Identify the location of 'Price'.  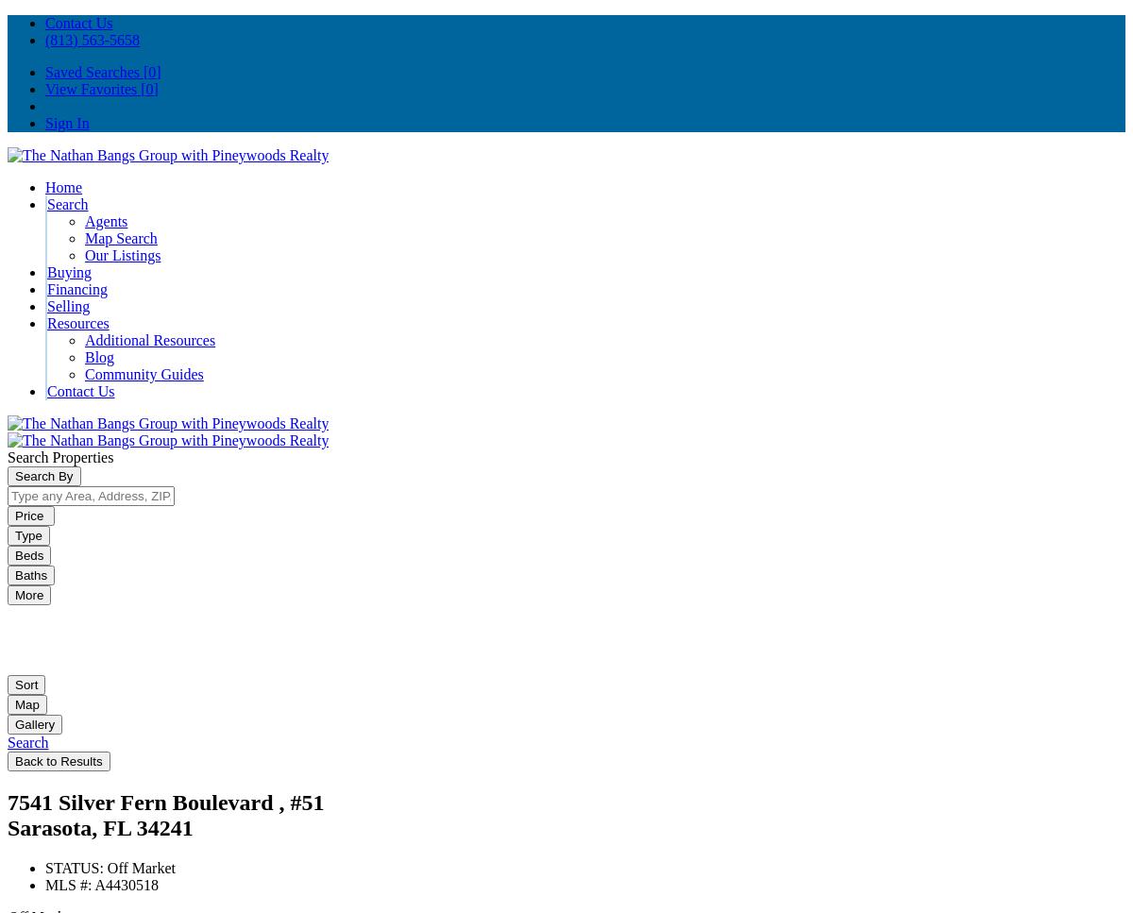
(31, 516).